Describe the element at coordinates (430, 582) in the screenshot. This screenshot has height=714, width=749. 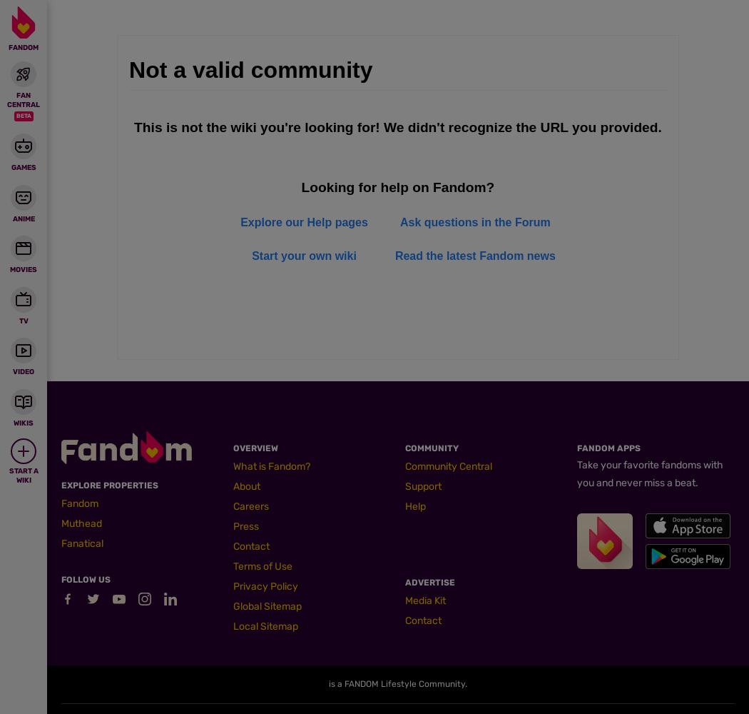
I see `'Advertise'` at that location.